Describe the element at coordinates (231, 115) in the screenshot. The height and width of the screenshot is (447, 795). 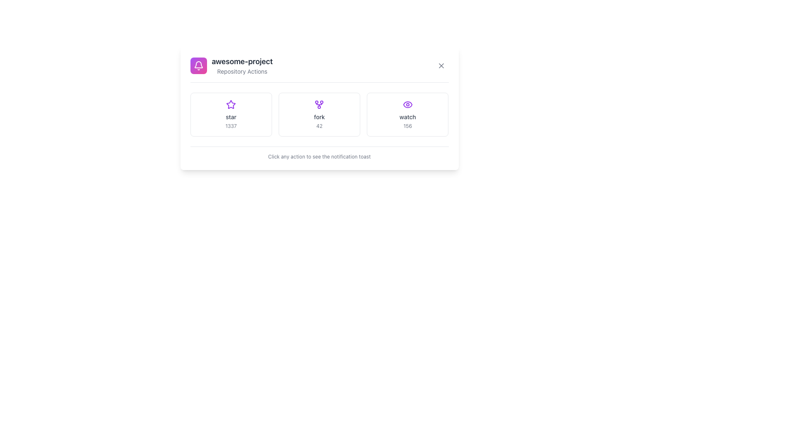
I see `the 'star' button representing a count of 1337, located as the first card in a horizontal row of three cards in the top-left corner of the grid layout` at that location.